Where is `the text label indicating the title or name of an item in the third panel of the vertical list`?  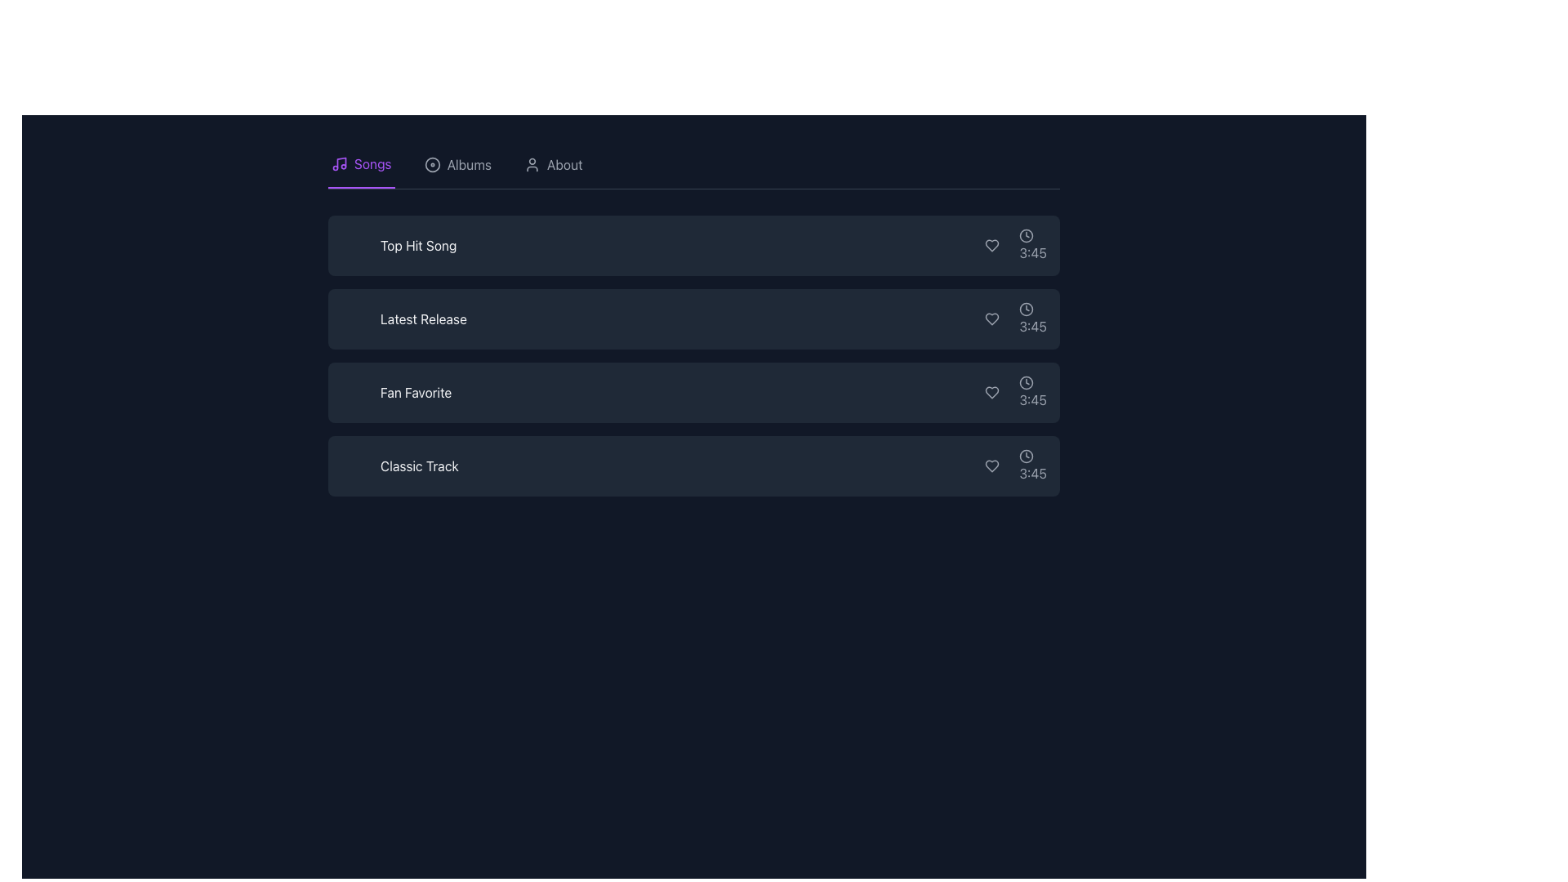
the text label indicating the title or name of an item in the third panel of the vertical list is located at coordinates (396, 393).